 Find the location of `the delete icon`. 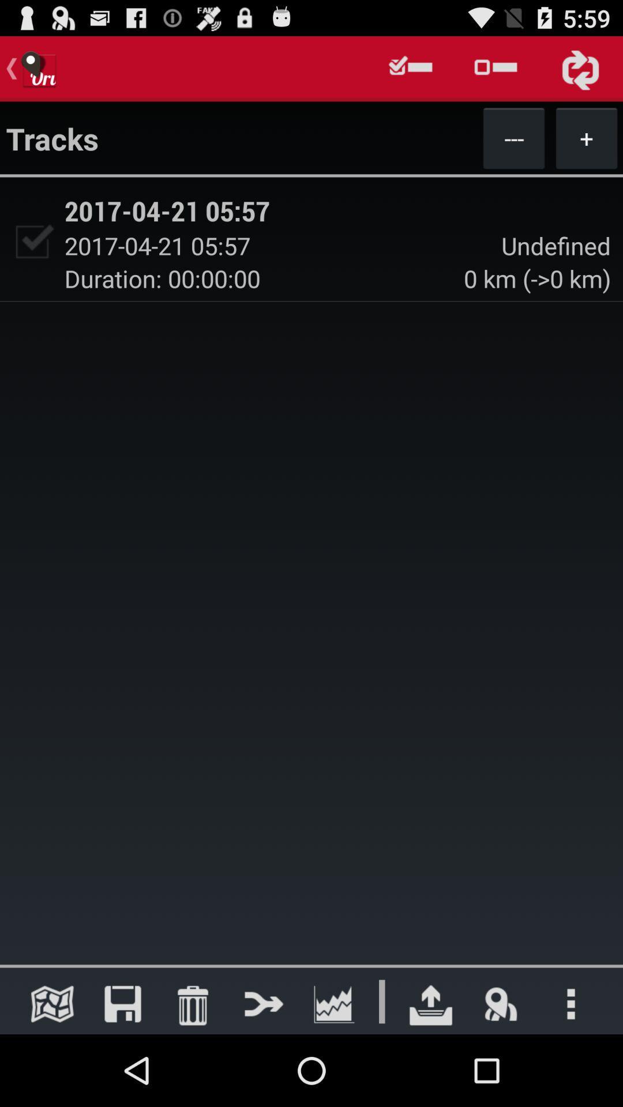

the delete icon is located at coordinates (192, 1074).